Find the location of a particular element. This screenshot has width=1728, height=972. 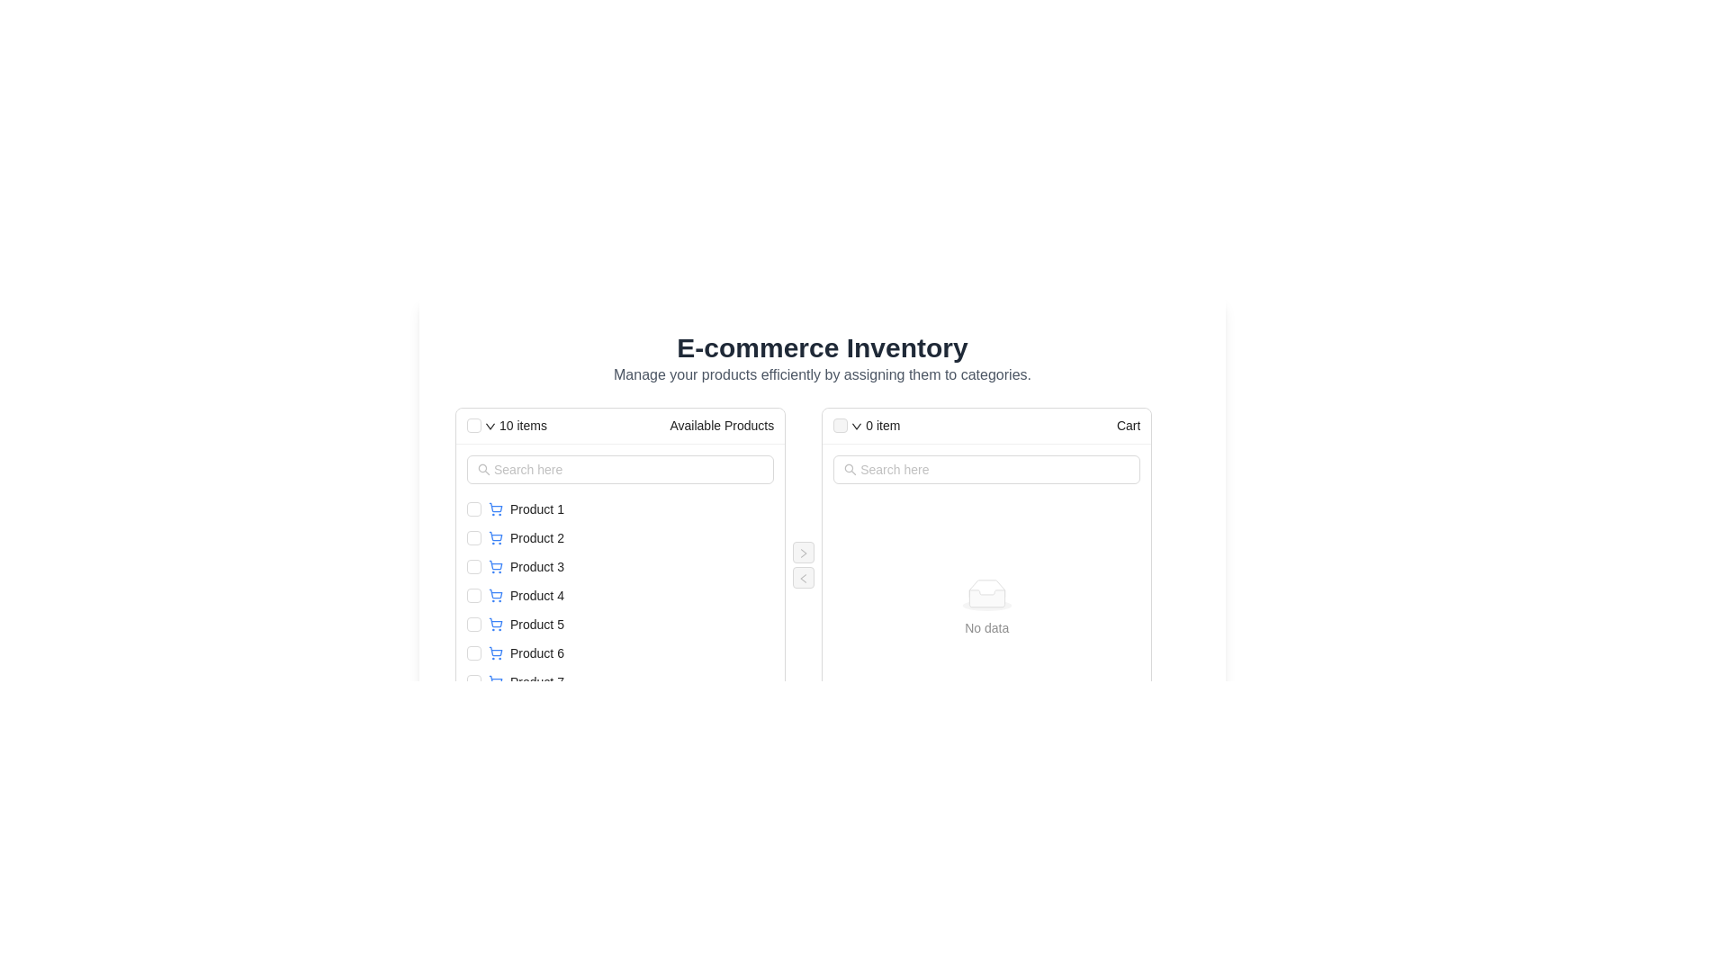

the search icon located to the left of the input field in the search bar is located at coordinates (483, 468).